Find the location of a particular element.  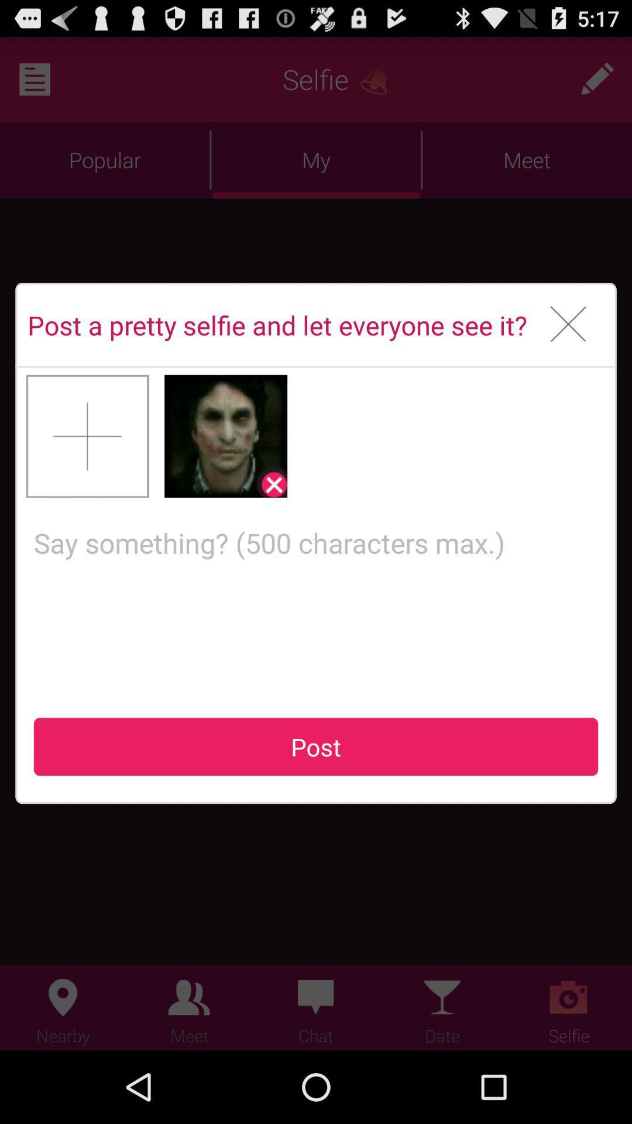

app next to the post a pretty app is located at coordinates (568, 325).